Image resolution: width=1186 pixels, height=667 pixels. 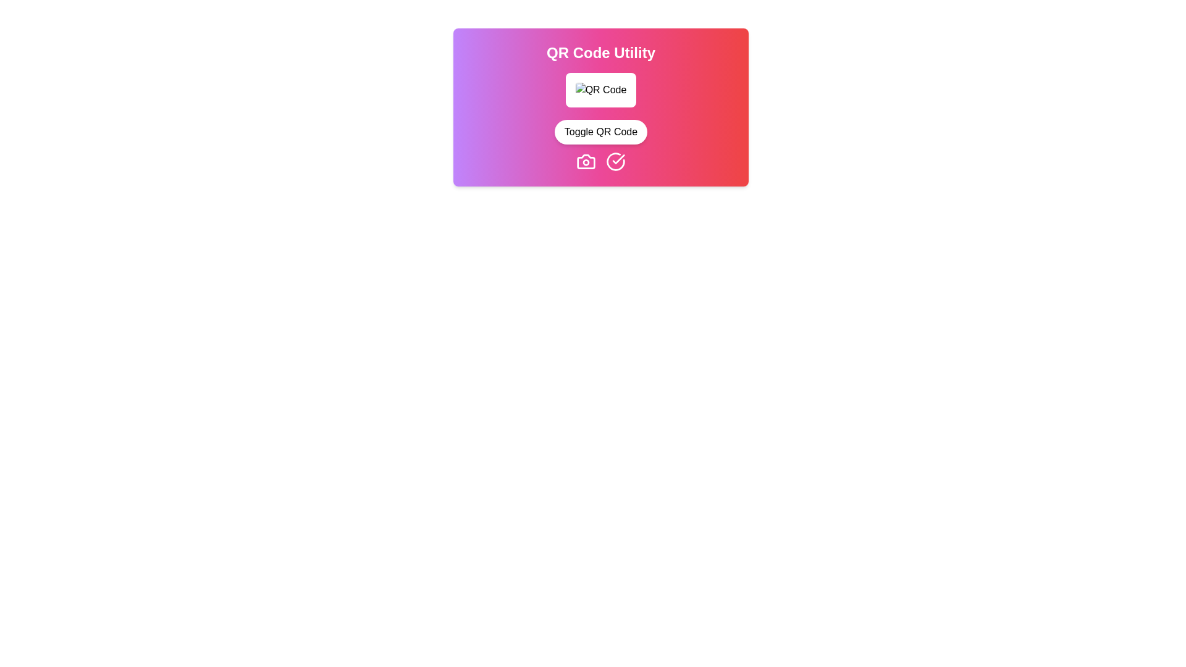 What do you see at coordinates (586, 161) in the screenshot?
I see `the pinkish camera icon located to the left of the checkmark icon in the 'QR Code Utility' interface card` at bounding box center [586, 161].